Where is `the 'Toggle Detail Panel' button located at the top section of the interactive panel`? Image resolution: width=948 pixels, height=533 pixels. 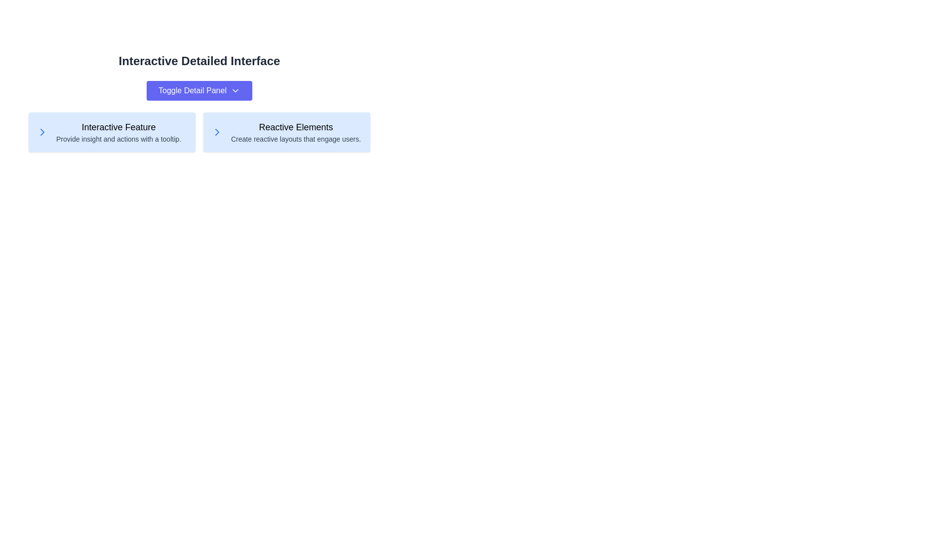
the 'Toggle Detail Panel' button located at the top section of the interactive panel is located at coordinates (198, 103).